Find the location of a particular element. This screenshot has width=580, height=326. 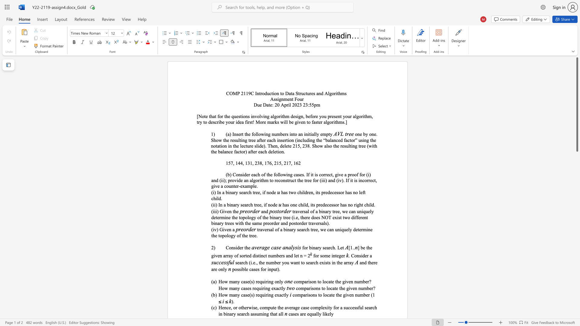

the scrollbar to scroll the page down is located at coordinates (577, 229).